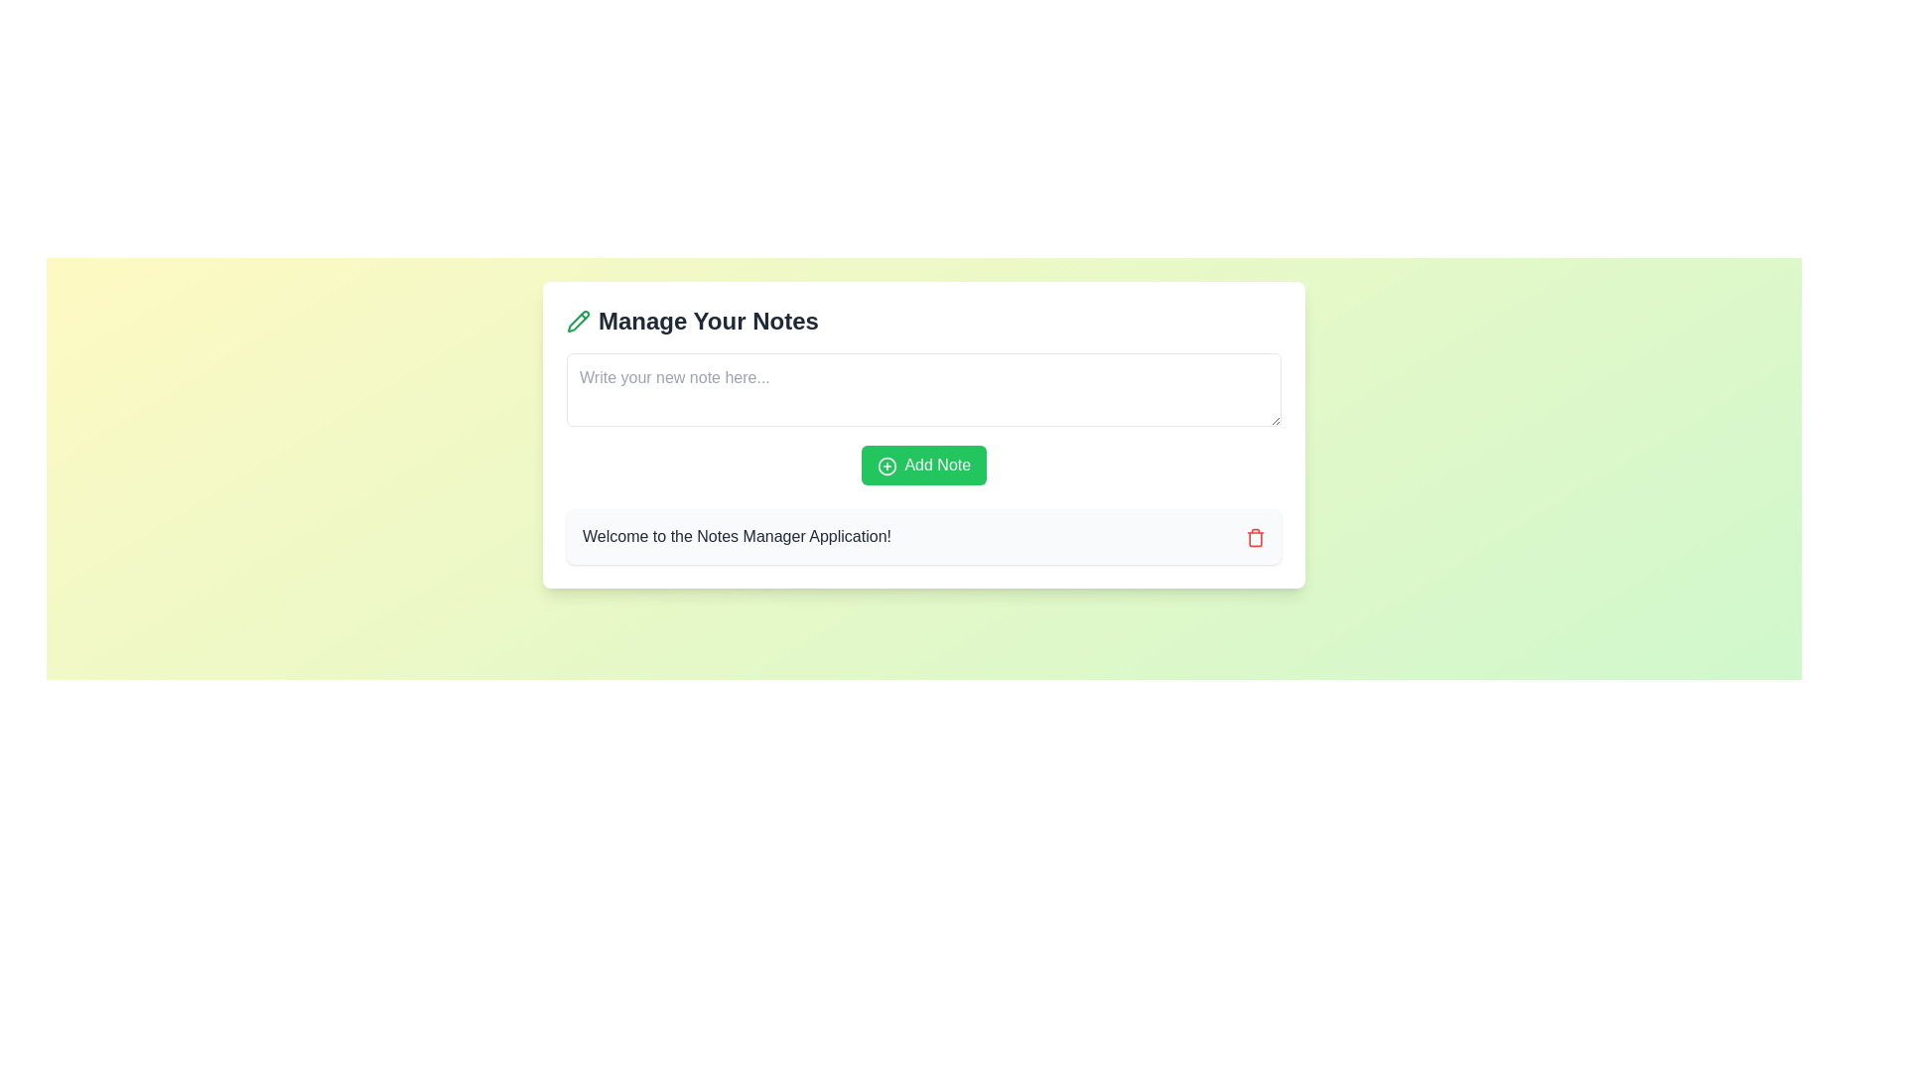  Describe the element at coordinates (923, 466) in the screenshot. I see `the 'Add Note' button located below the text input area labeled 'Write your new note here...' for visual feedback` at that location.